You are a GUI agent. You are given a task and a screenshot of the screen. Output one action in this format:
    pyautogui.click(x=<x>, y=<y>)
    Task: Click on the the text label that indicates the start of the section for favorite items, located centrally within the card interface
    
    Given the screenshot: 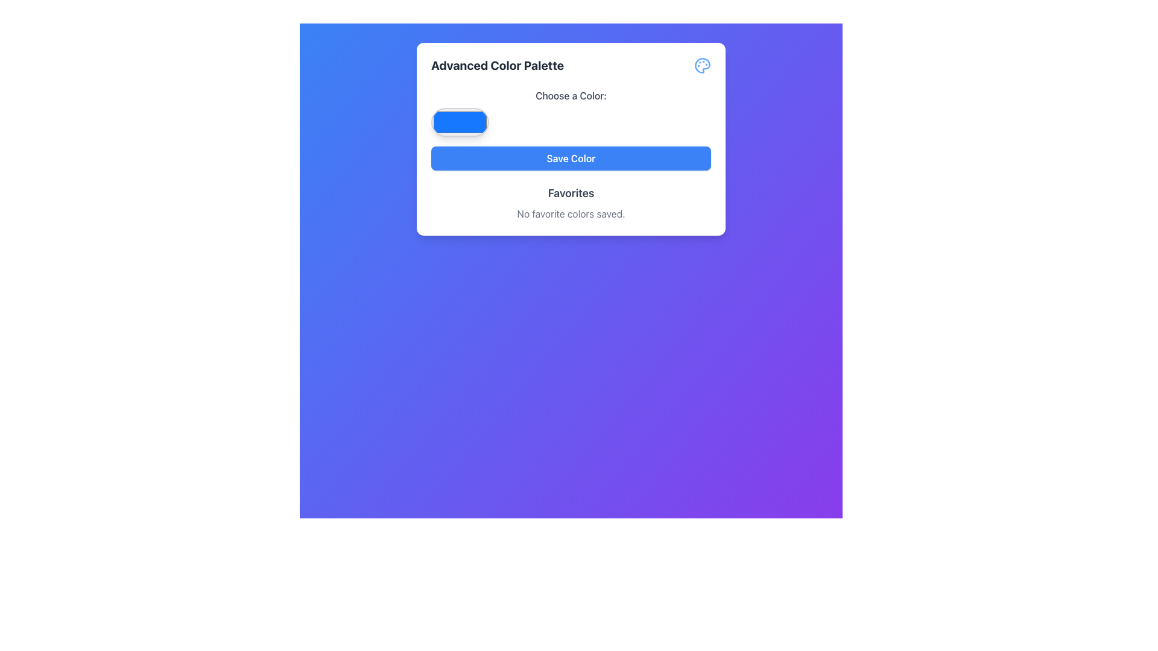 What is the action you would take?
    pyautogui.click(x=570, y=192)
    